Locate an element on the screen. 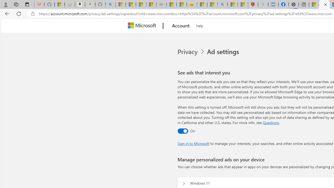  'Ad settings toggle' is located at coordinates (183, 131).